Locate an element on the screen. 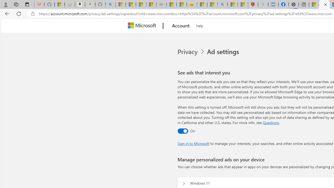  'Ad settings toggle' is located at coordinates (183, 131).